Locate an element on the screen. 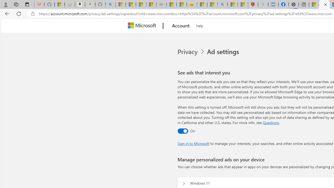  'Ad settings toggle' is located at coordinates (183, 131).